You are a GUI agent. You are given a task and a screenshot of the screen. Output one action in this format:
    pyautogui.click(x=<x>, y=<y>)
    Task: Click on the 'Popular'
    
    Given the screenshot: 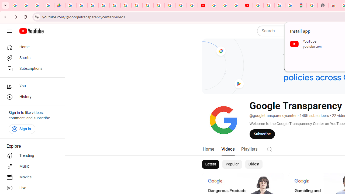 What is the action you would take?
    pyautogui.click(x=232, y=164)
    